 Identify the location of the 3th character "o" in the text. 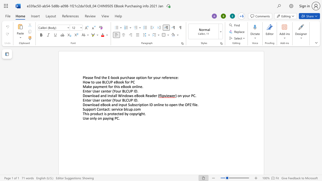
(119, 82).